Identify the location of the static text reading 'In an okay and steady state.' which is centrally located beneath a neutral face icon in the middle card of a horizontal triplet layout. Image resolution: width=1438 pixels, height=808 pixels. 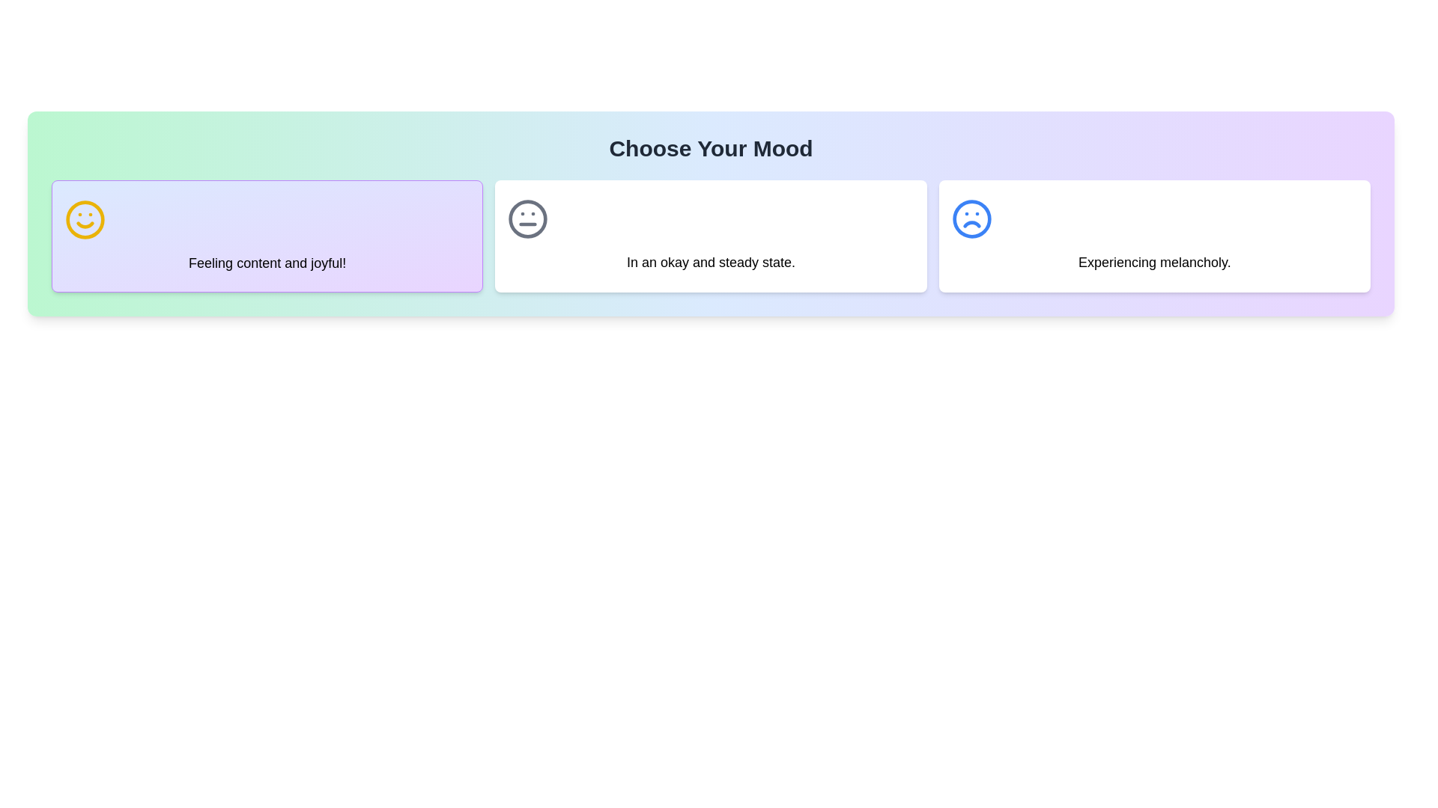
(710, 262).